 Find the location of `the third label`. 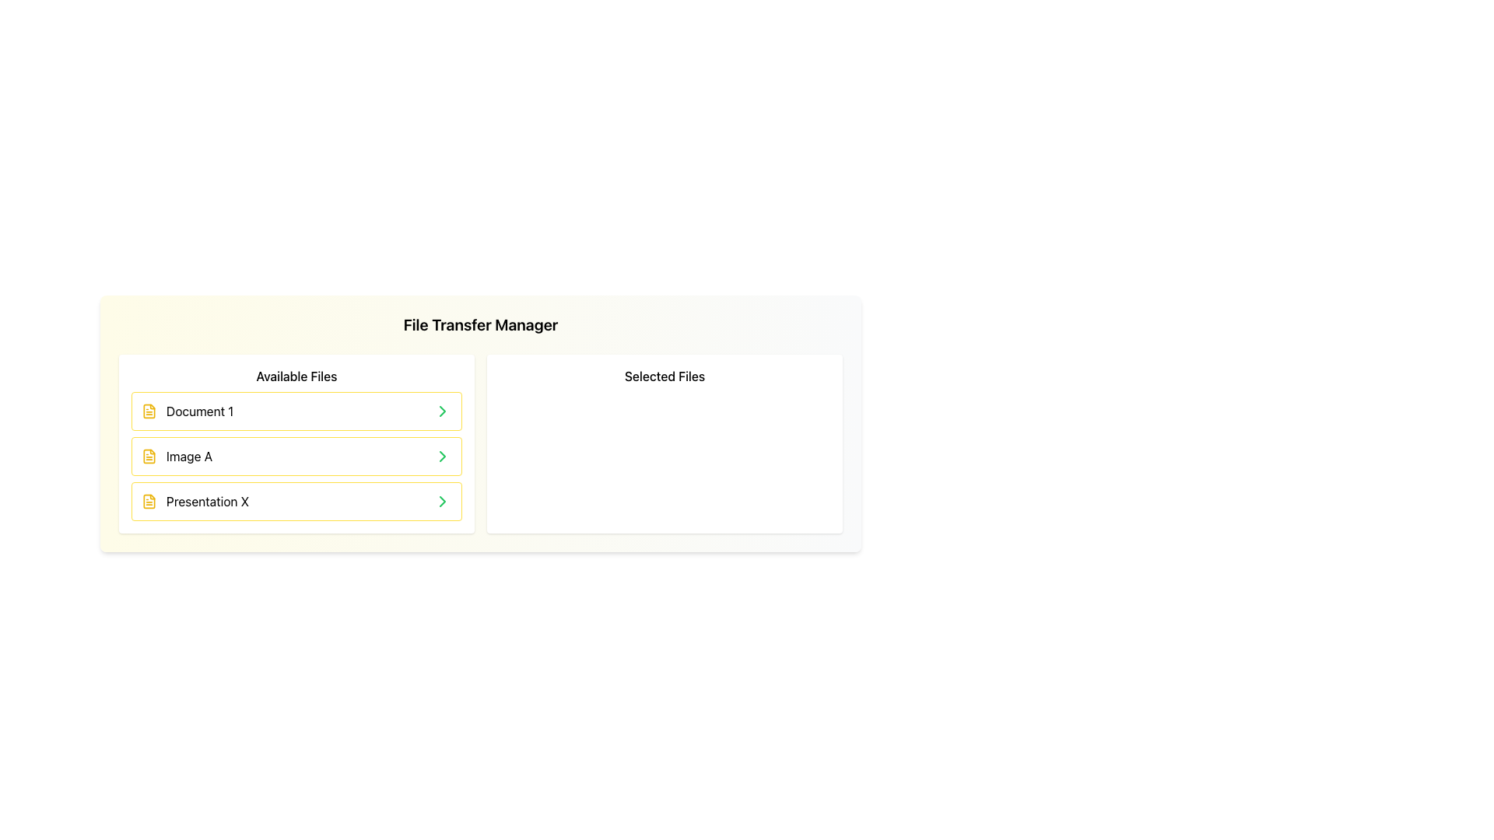

the third label is located at coordinates (207, 501).